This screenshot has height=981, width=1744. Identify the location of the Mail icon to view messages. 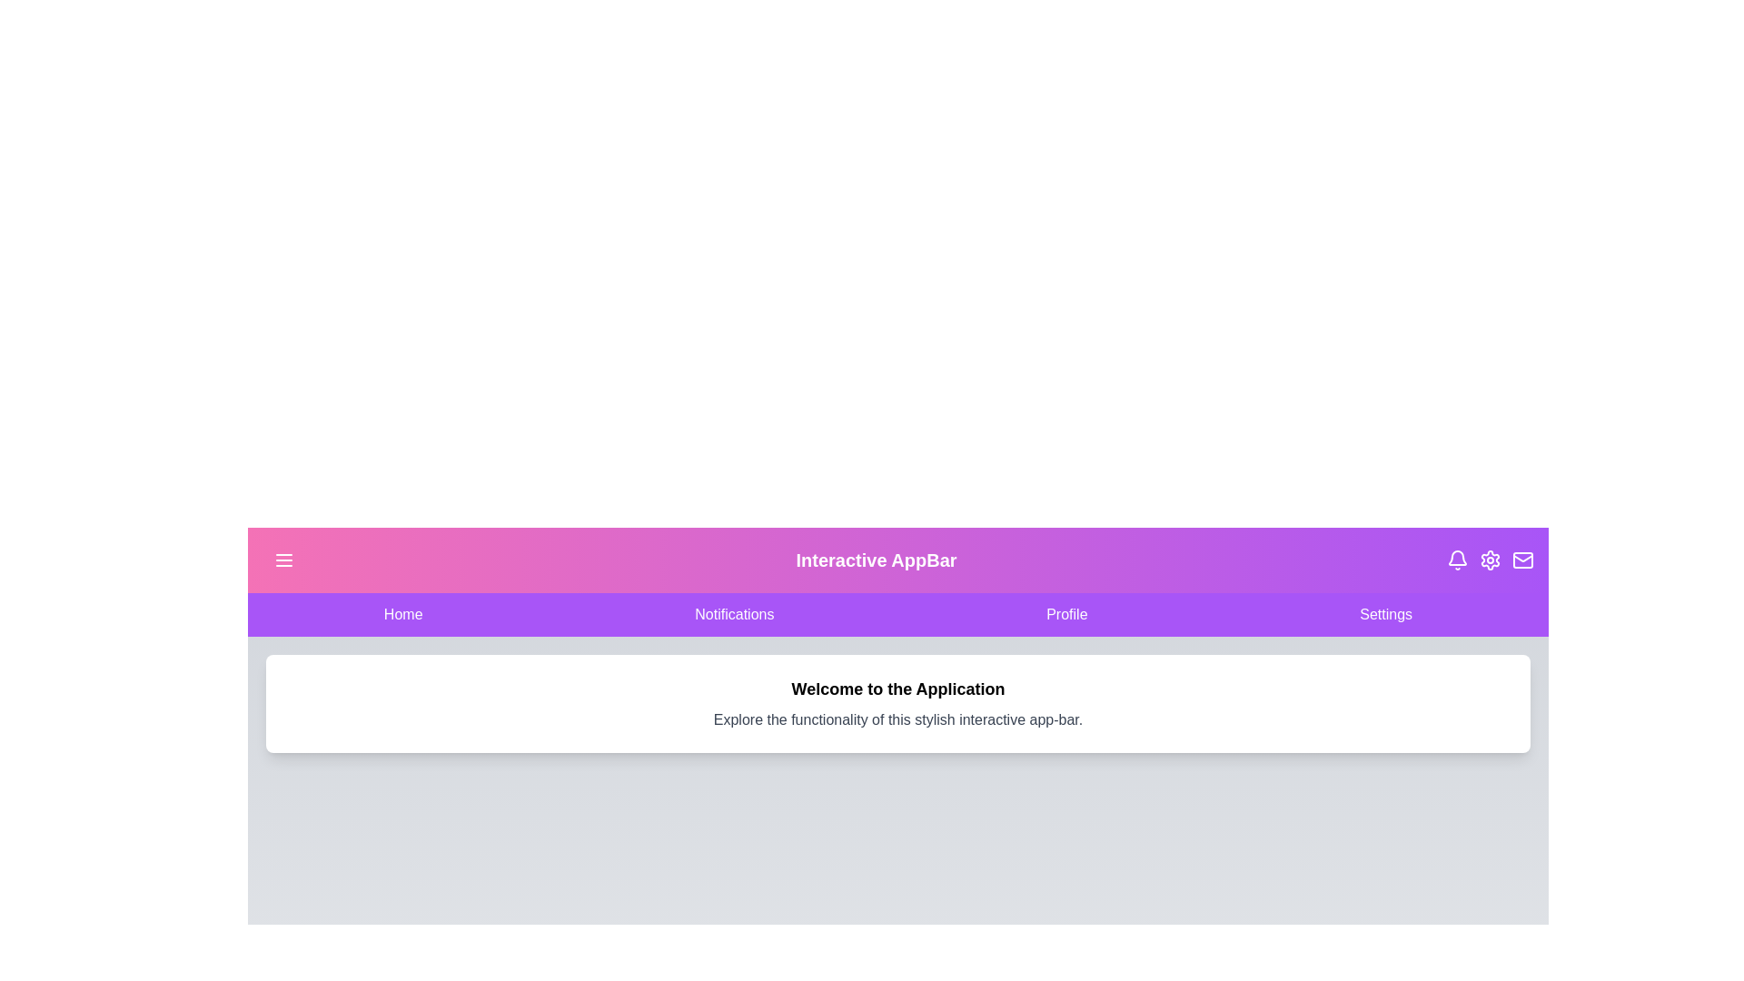
(1522, 560).